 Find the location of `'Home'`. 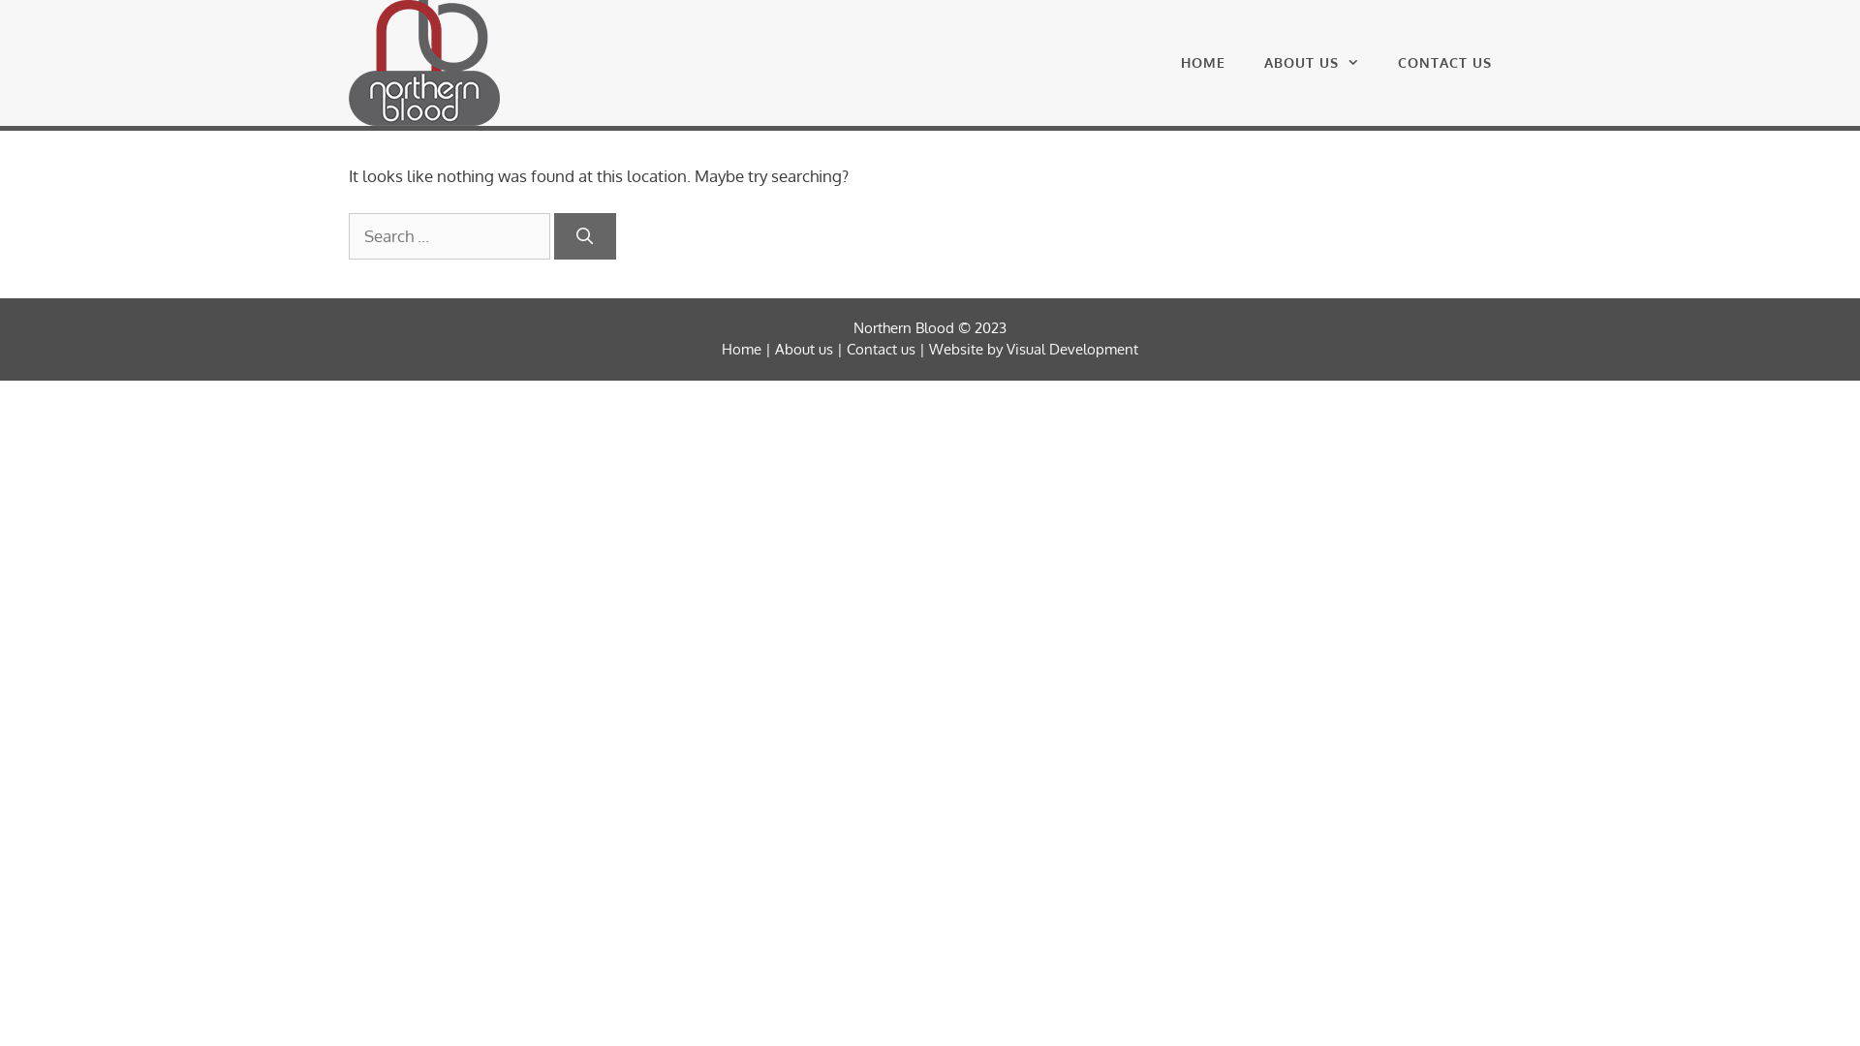

'Home' is located at coordinates (740, 349).